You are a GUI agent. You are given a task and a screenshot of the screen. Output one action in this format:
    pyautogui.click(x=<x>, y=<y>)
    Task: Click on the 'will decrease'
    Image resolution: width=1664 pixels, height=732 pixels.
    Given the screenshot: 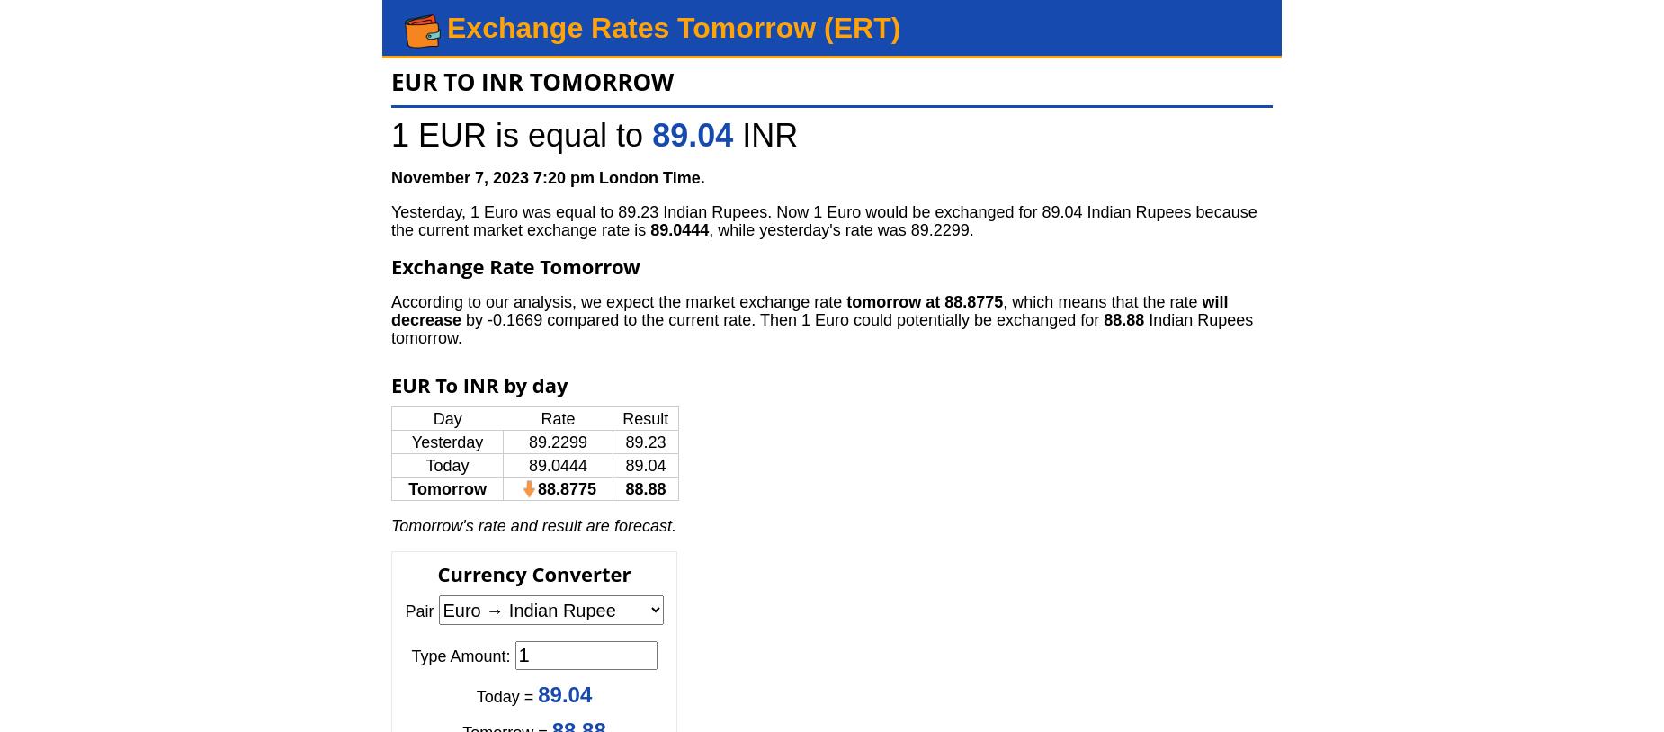 What is the action you would take?
    pyautogui.click(x=389, y=311)
    